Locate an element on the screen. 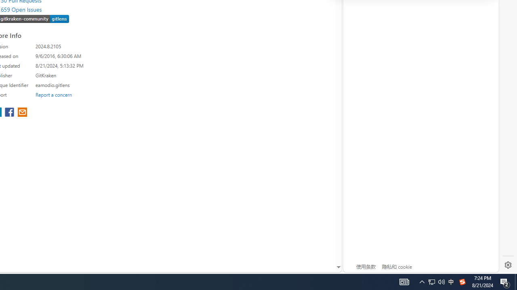  'Report a concern' is located at coordinates (53, 94).